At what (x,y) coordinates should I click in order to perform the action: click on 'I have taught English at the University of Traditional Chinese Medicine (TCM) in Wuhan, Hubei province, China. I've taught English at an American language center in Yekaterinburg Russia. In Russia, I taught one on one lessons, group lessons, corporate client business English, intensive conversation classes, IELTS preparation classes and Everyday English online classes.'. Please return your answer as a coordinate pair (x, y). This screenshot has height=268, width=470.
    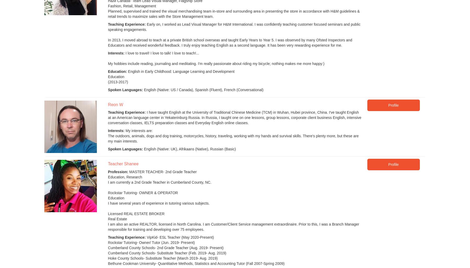
    Looking at the image, I should click on (234, 117).